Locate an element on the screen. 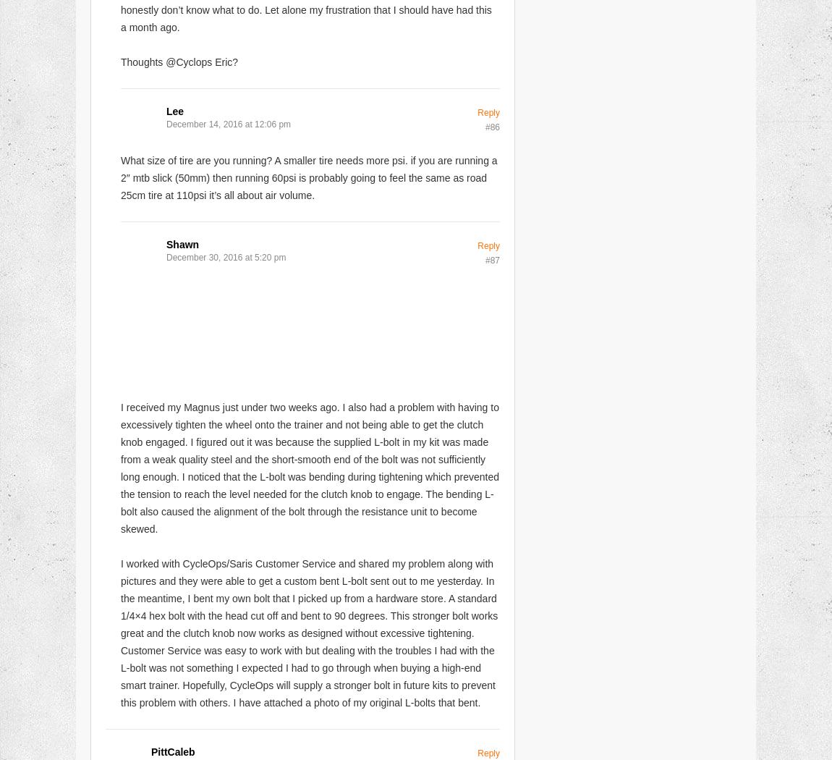 The image size is (832, 760). 'December 14, 2016 at 12:06 pm' is located at coordinates (166, 124).